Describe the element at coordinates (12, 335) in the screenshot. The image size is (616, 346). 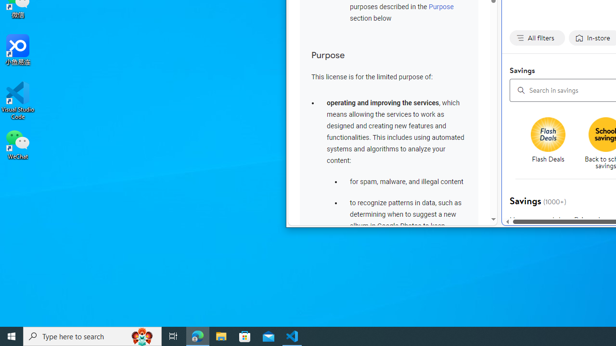
I see `'Start'` at that location.